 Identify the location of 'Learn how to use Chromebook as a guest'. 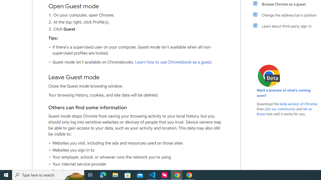
(173, 62).